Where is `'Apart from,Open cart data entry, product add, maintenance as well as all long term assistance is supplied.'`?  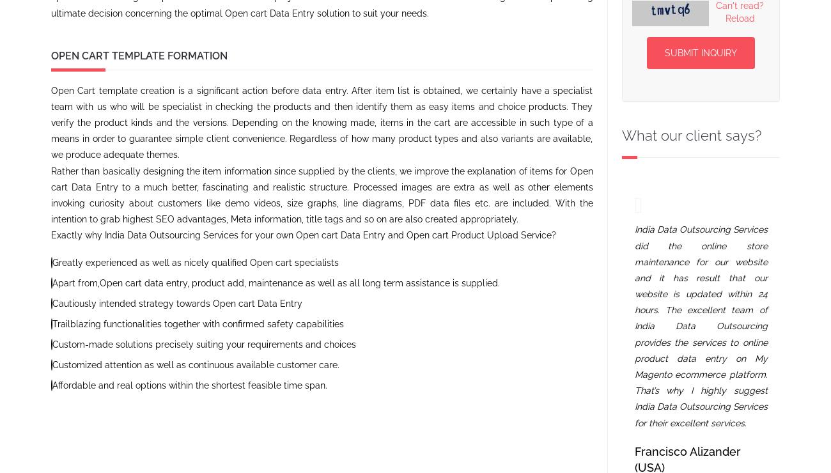 'Apart from,Open cart data entry, product add, maintenance as well as all long term assistance is supplied.' is located at coordinates (52, 282).